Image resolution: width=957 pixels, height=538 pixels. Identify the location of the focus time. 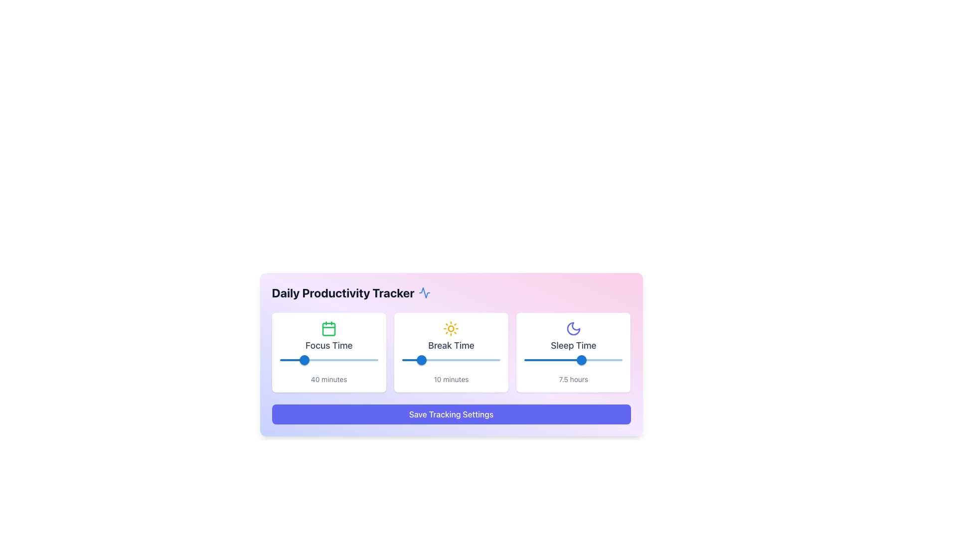
(337, 360).